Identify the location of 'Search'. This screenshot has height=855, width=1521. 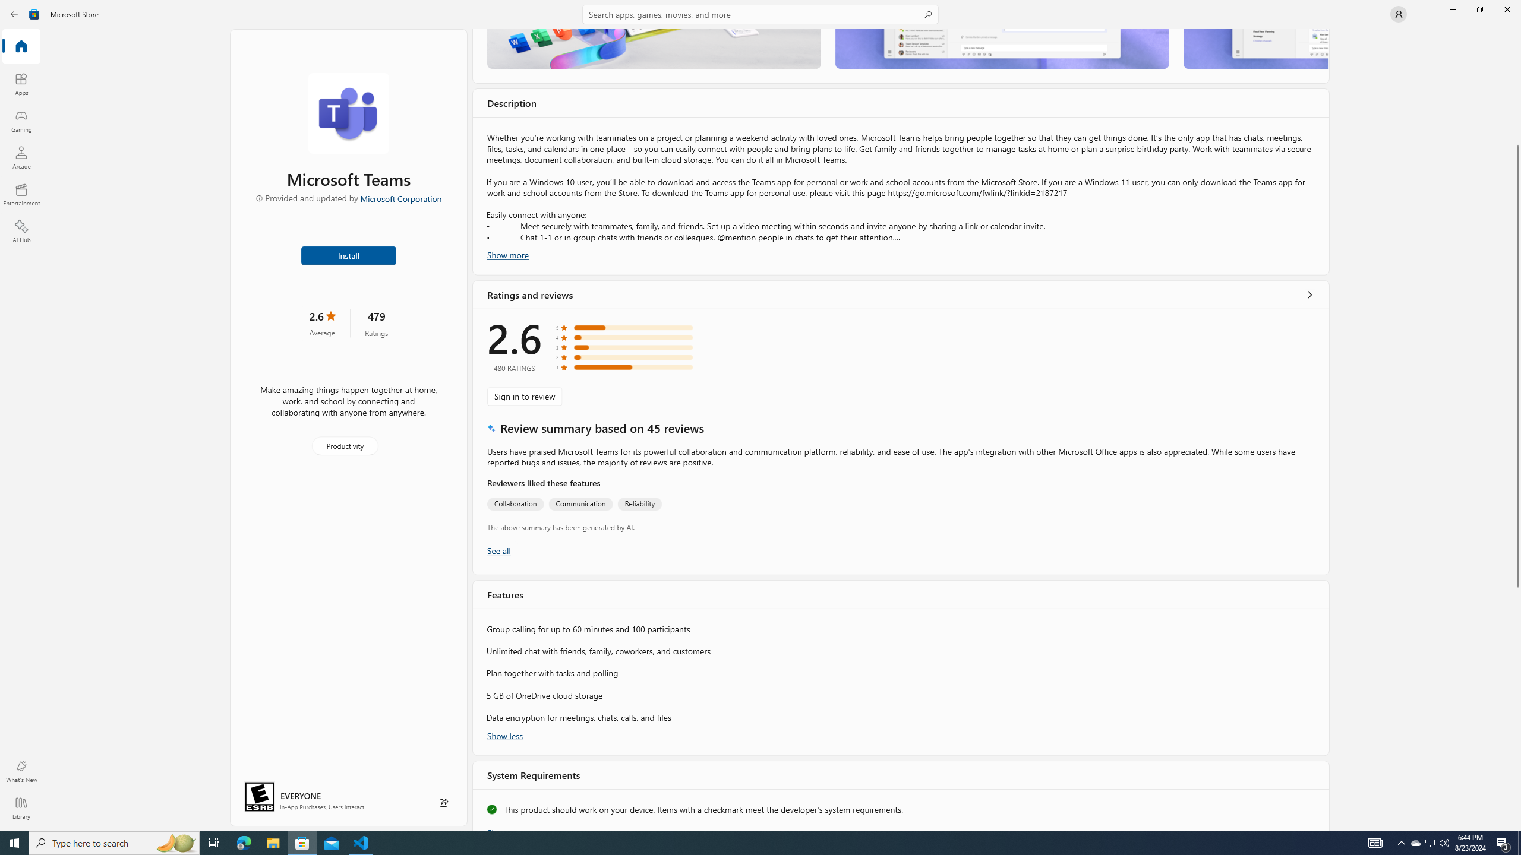
(760, 14).